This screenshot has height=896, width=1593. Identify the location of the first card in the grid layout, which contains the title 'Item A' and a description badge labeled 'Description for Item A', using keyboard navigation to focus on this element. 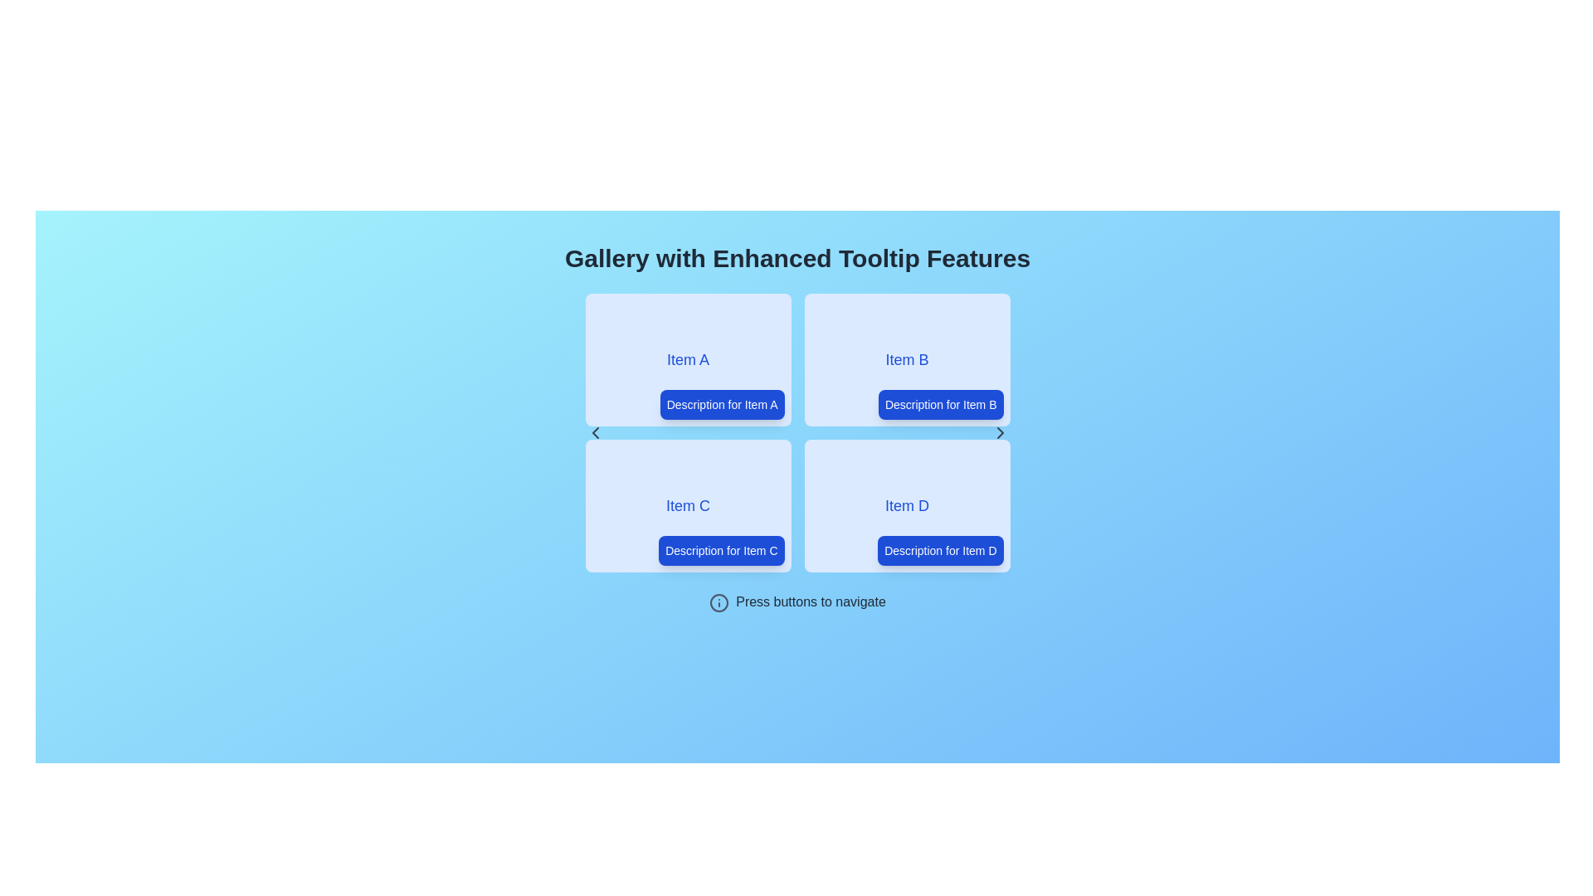
(688, 359).